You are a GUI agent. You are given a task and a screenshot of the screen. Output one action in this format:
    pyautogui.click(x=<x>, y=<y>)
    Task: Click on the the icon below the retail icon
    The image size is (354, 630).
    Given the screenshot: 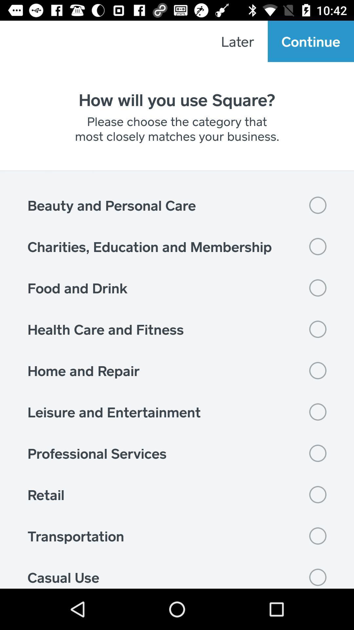 What is the action you would take?
    pyautogui.click(x=177, y=536)
    